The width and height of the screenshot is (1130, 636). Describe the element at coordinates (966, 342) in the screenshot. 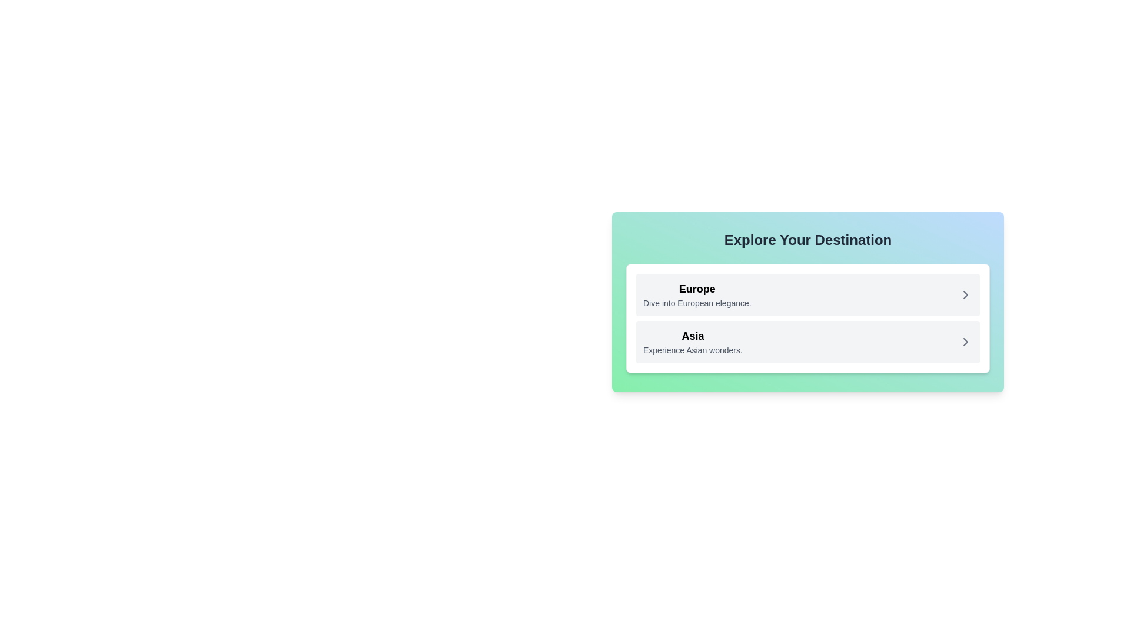

I see `the navigation icon located on the right edge of the 'Asia' list item in the 'Explore Your Destination' section` at that location.